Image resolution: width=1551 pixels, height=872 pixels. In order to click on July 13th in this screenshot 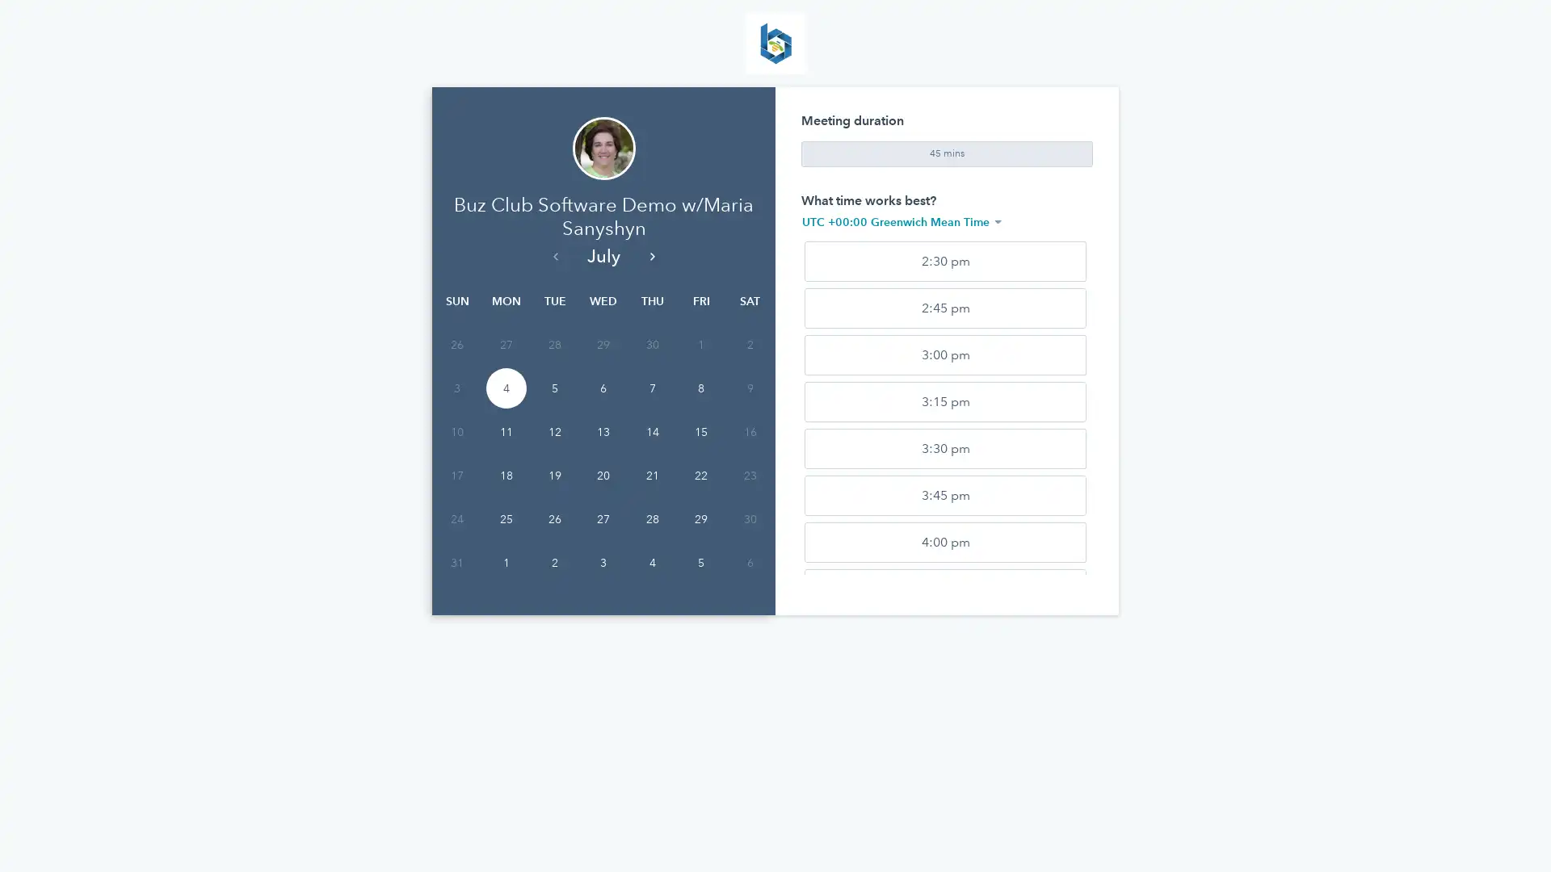, I will do `click(603, 431)`.